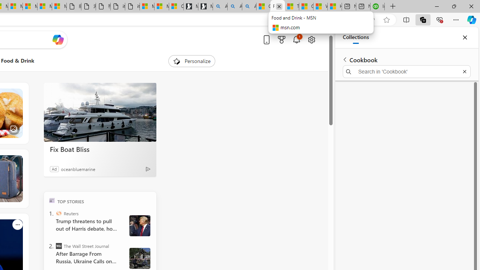 The height and width of the screenshot is (270, 480). Describe the element at coordinates (78, 169) in the screenshot. I see `'oceanbluemarine'` at that location.